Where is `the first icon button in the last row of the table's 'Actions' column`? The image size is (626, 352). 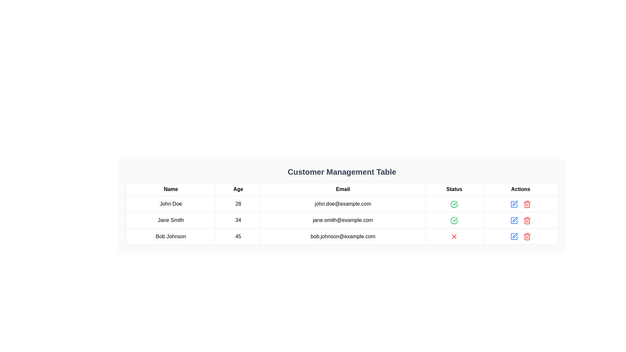 the first icon button in the last row of the table's 'Actions' column is located at coordinates (514, 220).